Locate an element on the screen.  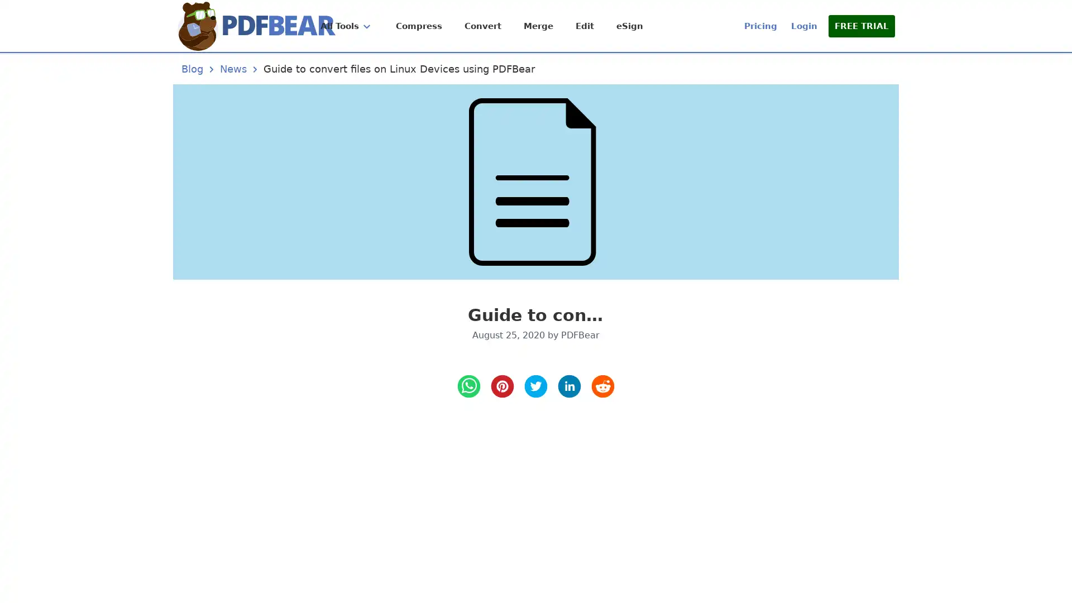
eSign is located at coordinates (629, 25).